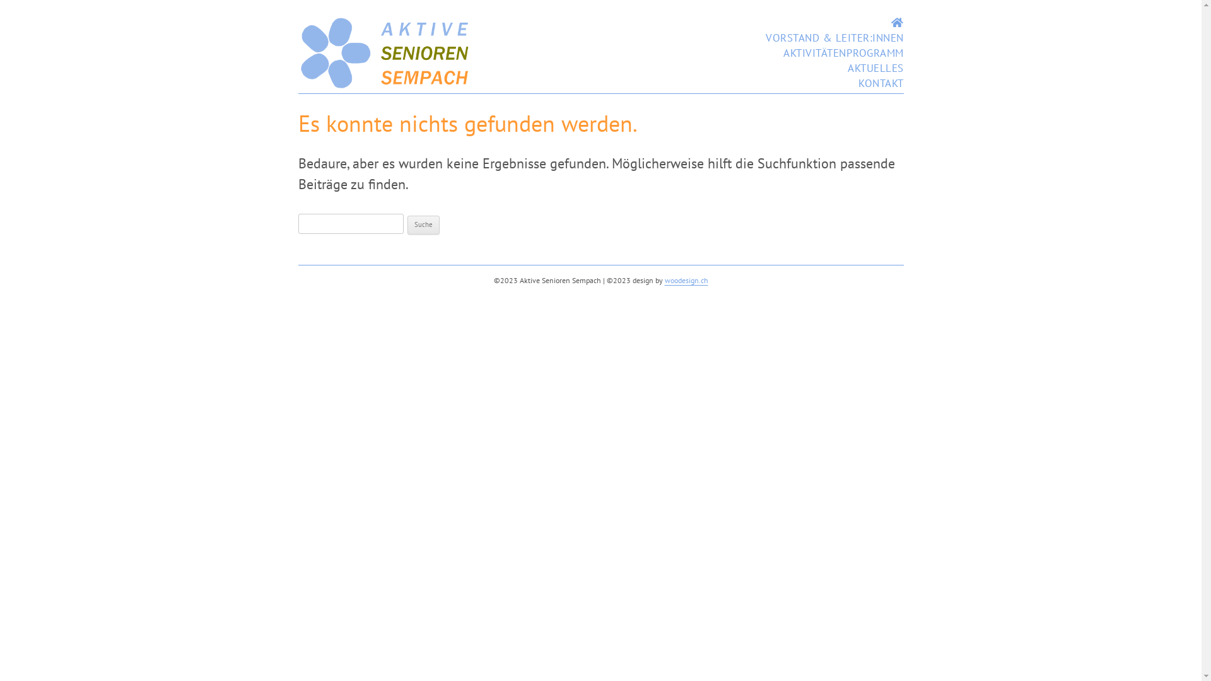  I want to click on 'Aktive Senioren Sempach', so click(385, 85).